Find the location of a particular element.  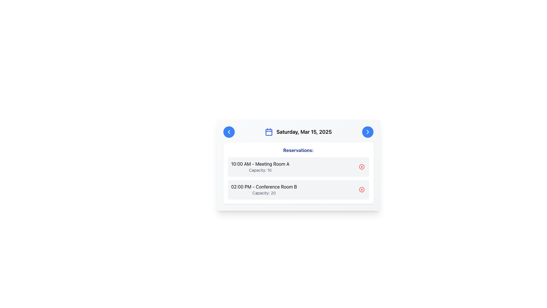

text label displaying 'Capacity: 20', which is styled in gray and located below '02:00 PM - Conference Room B' is located at coordinates (264, 193).